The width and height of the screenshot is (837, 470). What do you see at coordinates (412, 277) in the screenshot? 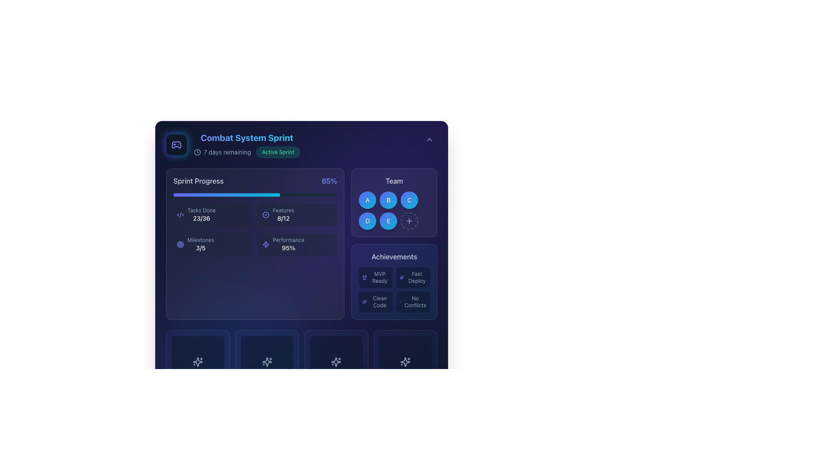
I see `the 'Fast Deploy' Achievement badge or button, which is a small rectangular button with a rocket icon and text, located in the top right corner of the Achievements section` at bounding box center [412, 277].